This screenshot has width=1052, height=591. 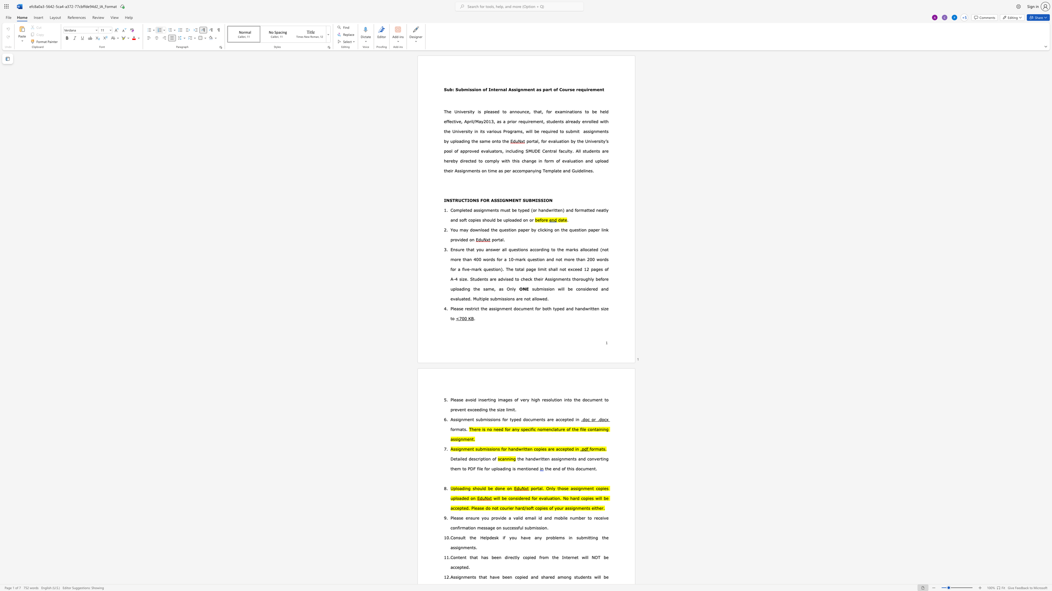 What do you see at coordinates (515, 429) in the screenshot?
I see `the 3th character "n" in the text` at bounding box center [515, 429].